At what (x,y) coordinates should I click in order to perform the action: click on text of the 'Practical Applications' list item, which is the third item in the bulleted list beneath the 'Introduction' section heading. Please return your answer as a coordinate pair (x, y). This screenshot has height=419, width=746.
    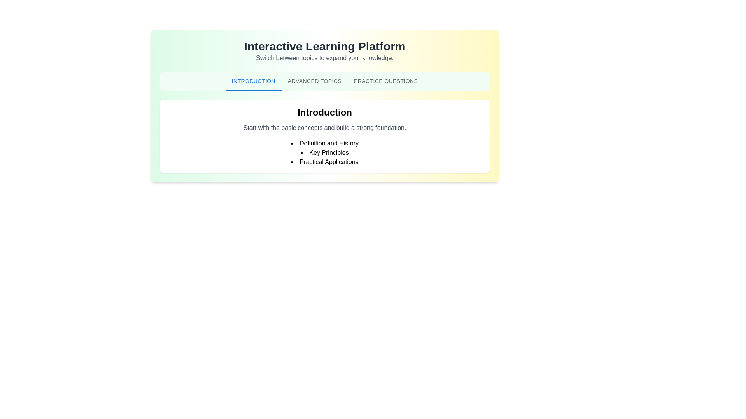
    Looking at the image, I should click on (324, 161).